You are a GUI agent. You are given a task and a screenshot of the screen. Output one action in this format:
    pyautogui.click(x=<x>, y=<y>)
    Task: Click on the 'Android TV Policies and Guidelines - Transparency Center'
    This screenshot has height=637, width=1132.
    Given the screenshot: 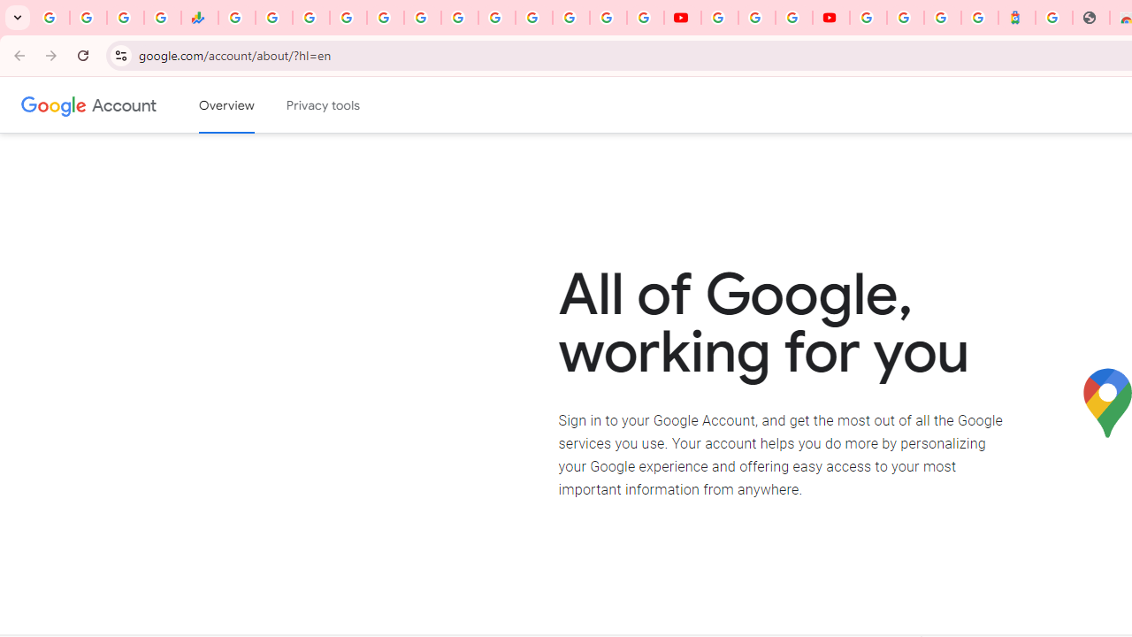 What is the action you would take?
    pyautogui.click(x=460, y=18)
    